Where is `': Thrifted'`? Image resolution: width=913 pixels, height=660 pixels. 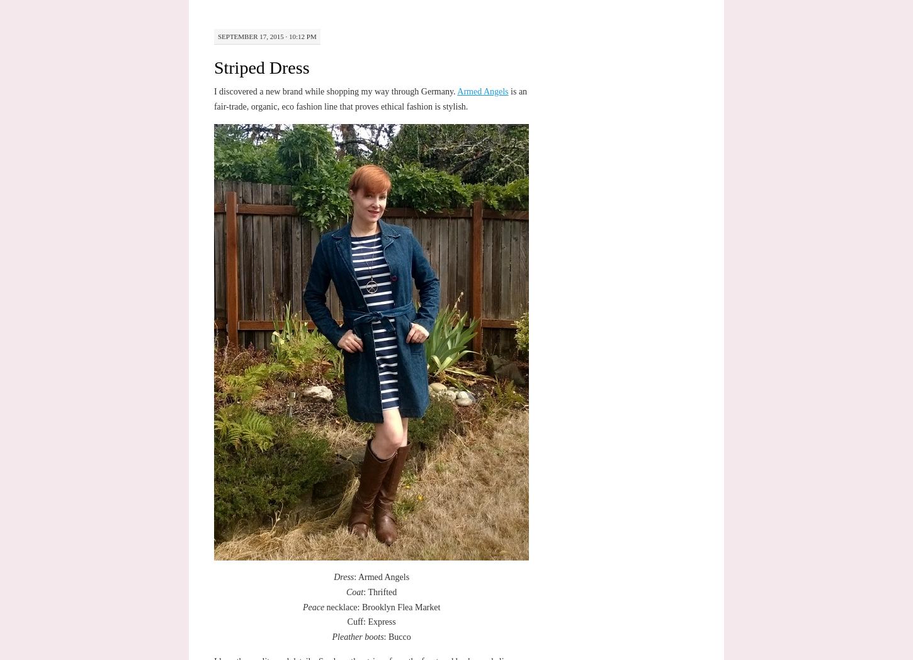
': Thrifted' is located at coordinates (363, 591).